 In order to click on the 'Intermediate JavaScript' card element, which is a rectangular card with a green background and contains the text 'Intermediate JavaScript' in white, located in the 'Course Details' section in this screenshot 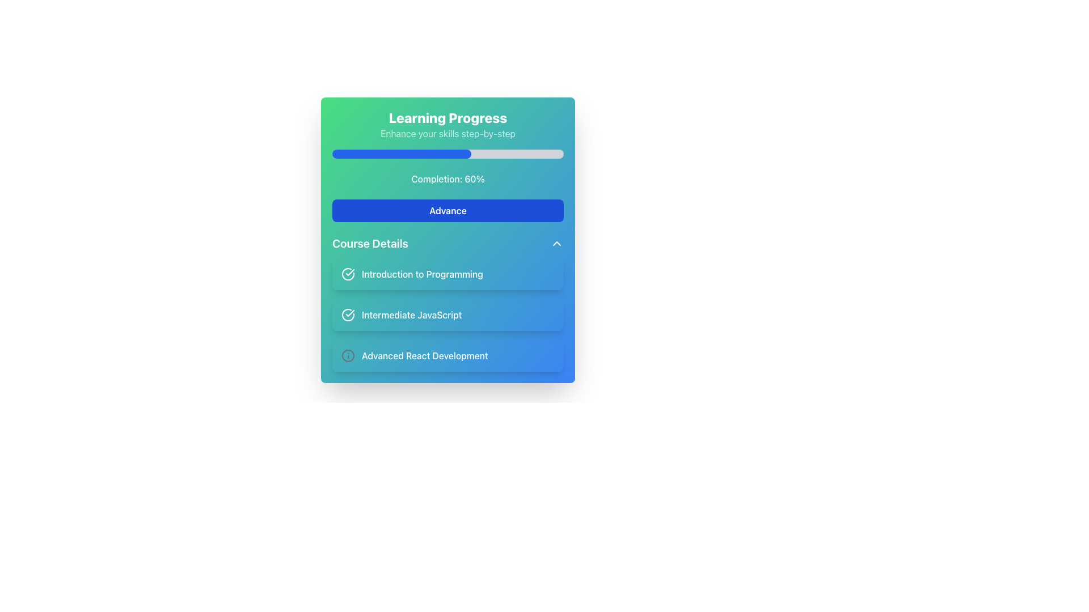, I will do `click(448, 314)`.